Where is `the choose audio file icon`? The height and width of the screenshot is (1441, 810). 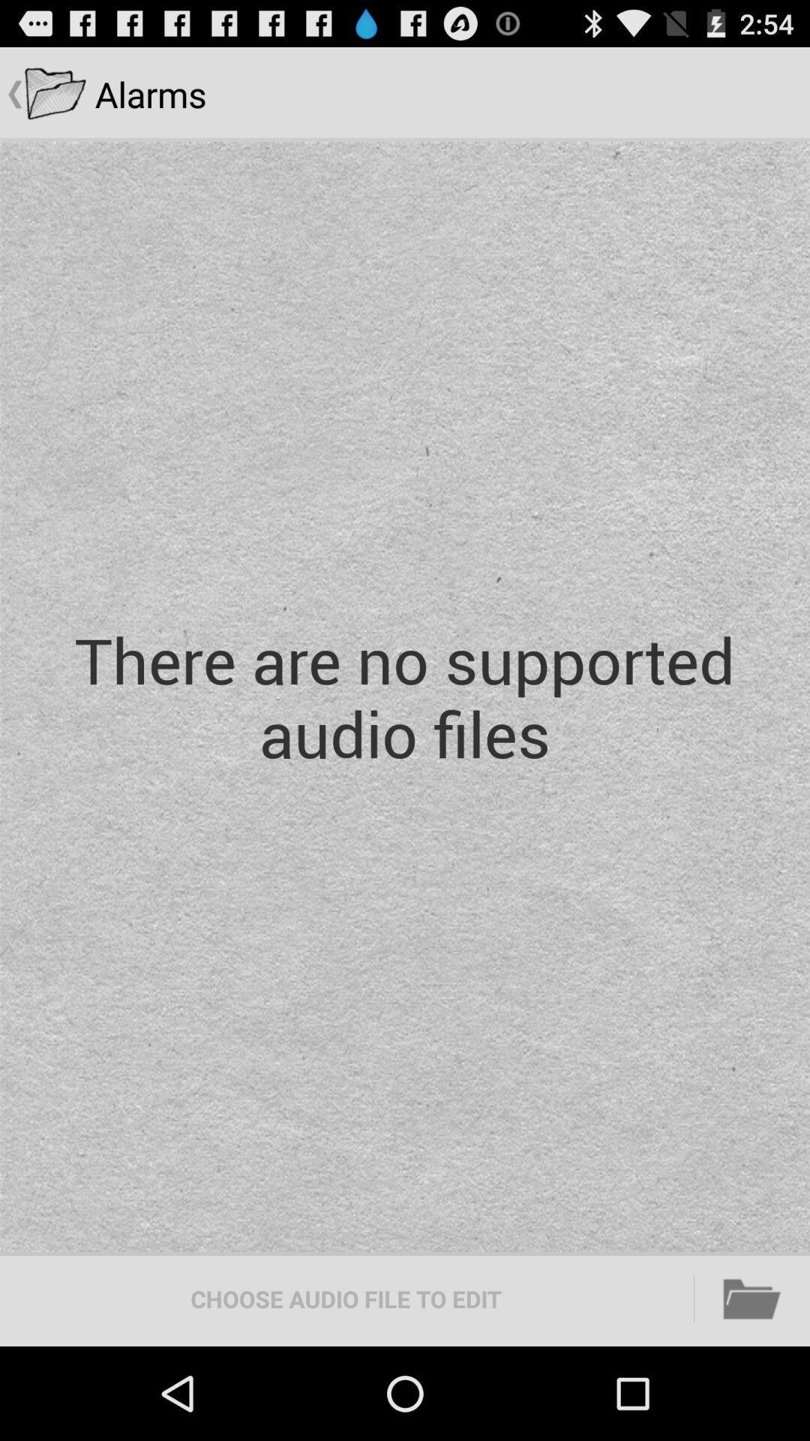 the choose audio file icon is located at coordinates (346, 1298).